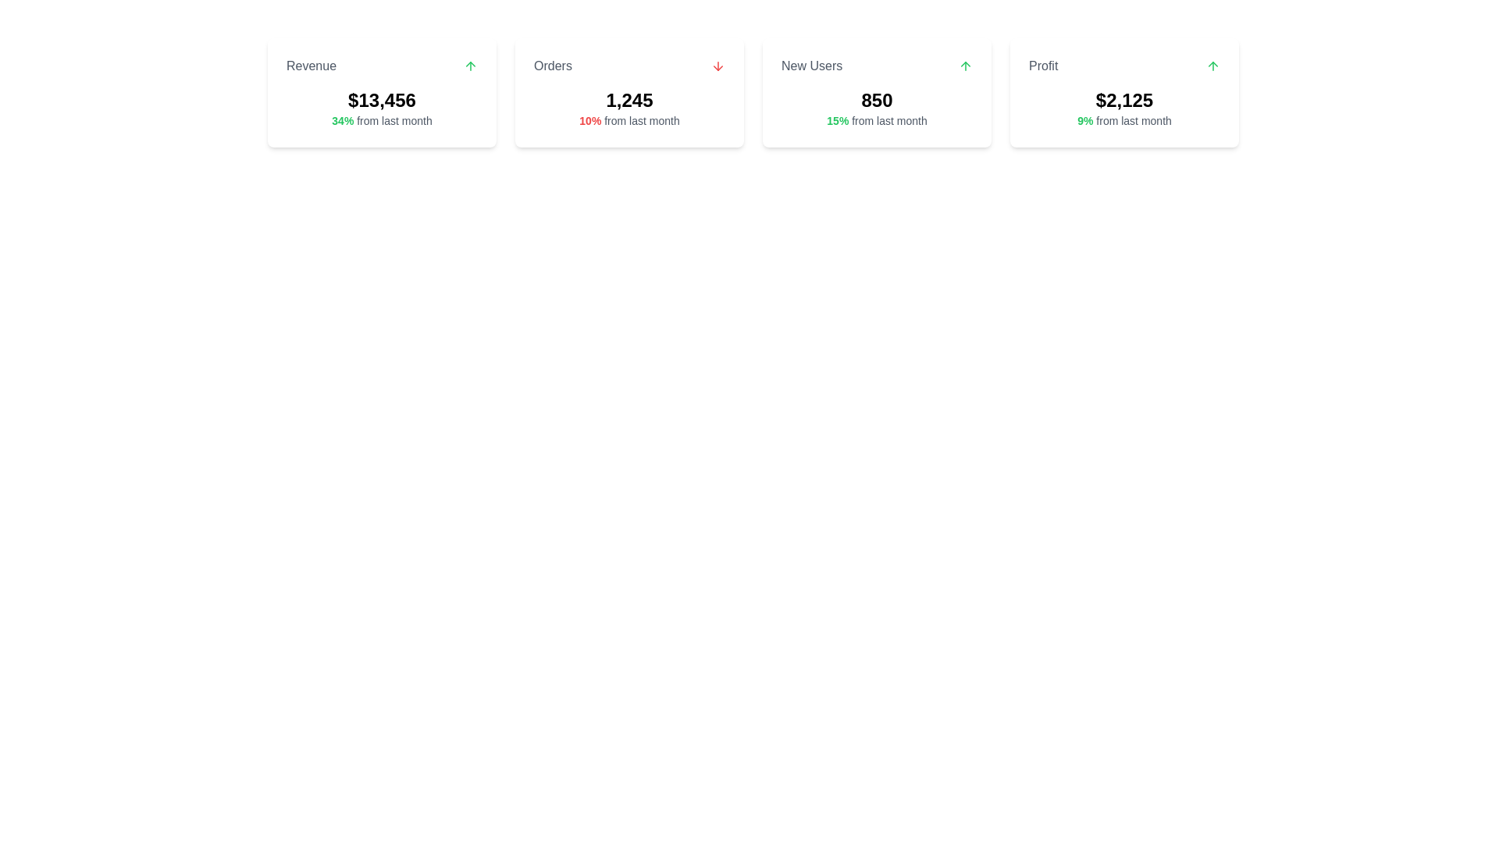  Describe the element at coordinates (382, 100) in the screenshot. I see `the revenue label displayed prominently in the user interface, located near the center of the 'Revenue' card` at that location.